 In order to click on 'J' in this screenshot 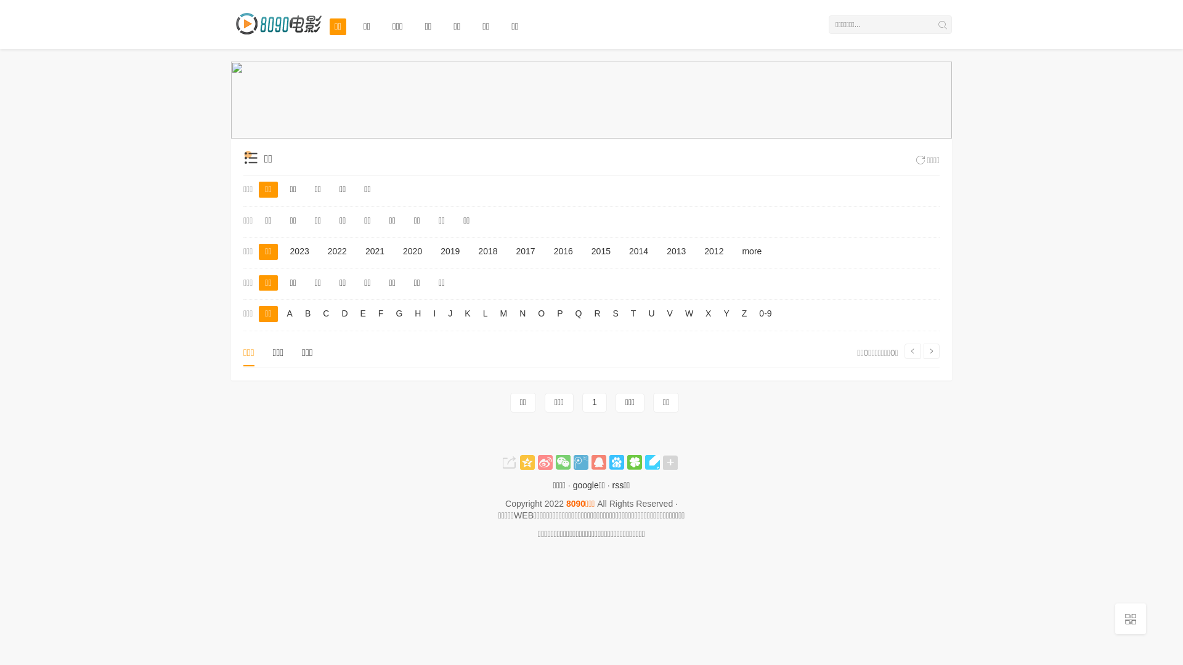, I will do `click(449, 313)`.